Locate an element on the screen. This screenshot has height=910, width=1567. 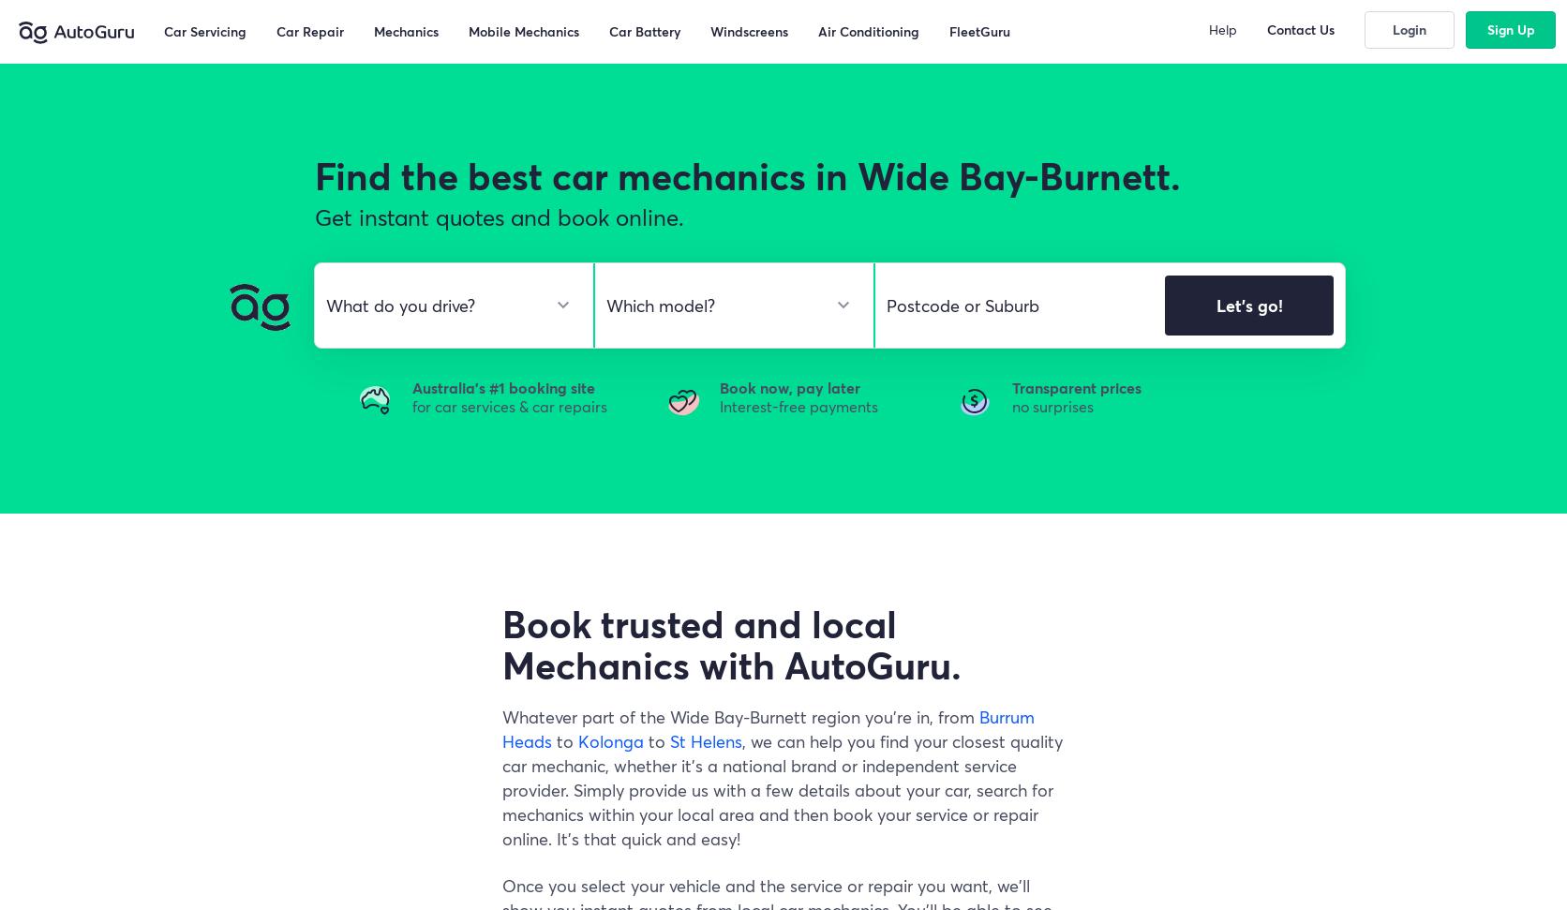
'Car Servicing' is located at coordinates (205, 30).